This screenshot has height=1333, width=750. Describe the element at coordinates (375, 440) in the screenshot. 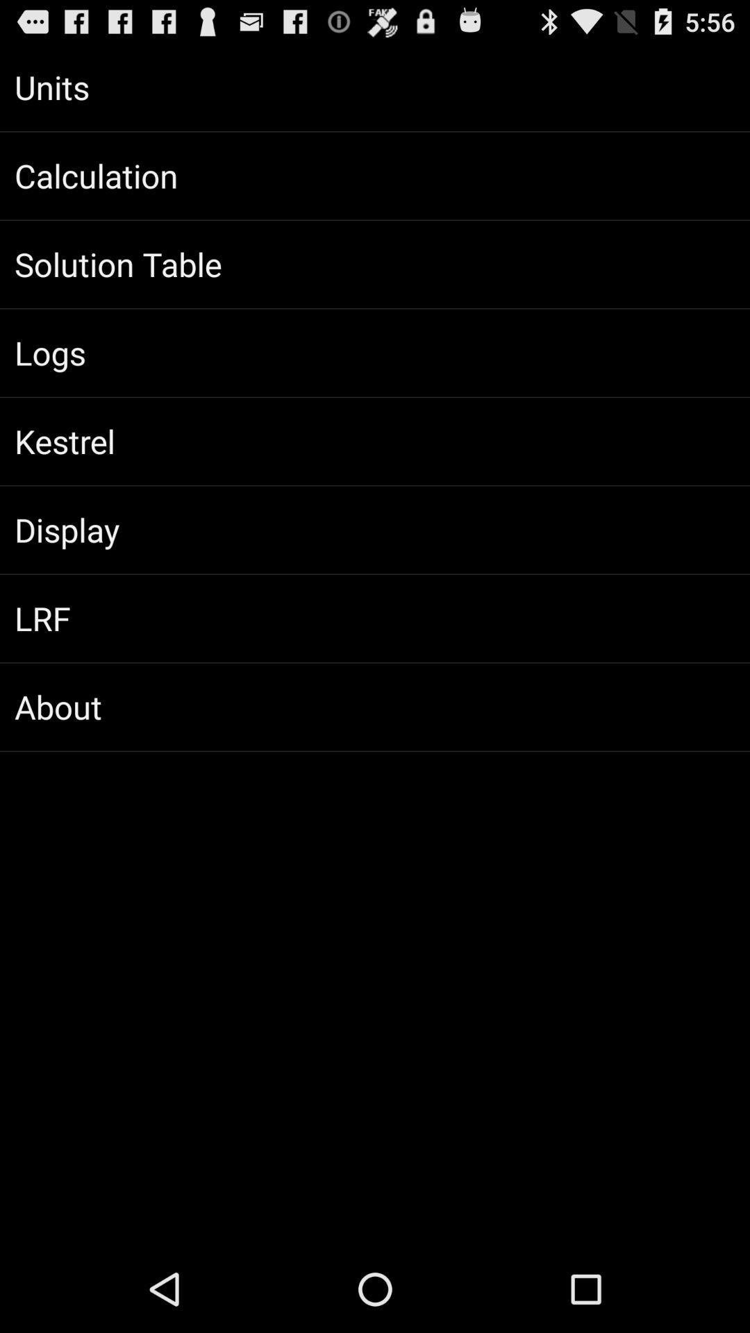

I see `kestrel app` at that location.